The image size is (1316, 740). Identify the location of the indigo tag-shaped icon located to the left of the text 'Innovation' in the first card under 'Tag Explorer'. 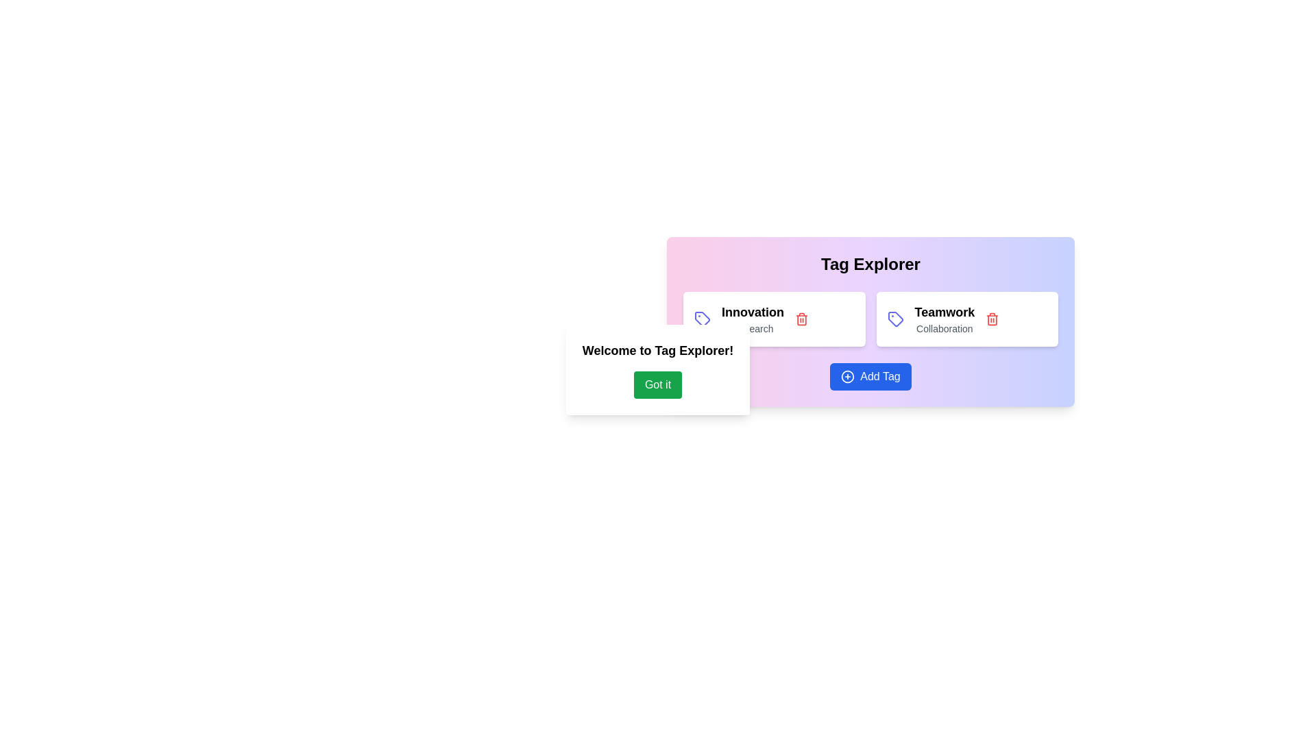
(703, 319).